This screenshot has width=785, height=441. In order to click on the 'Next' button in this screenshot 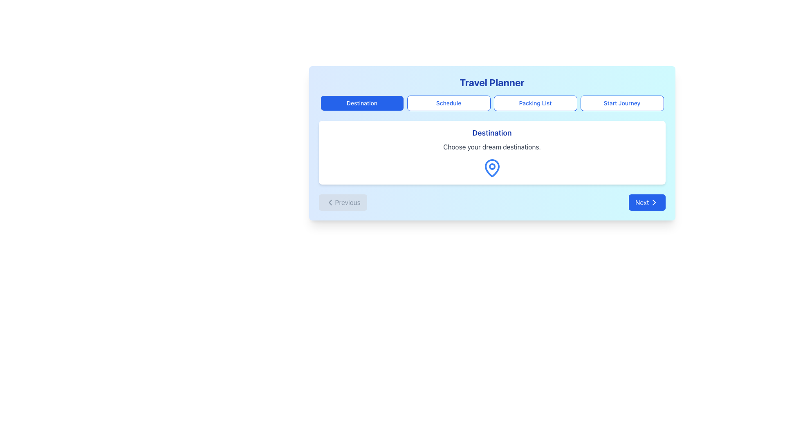, I will do `click(653, 202)`.